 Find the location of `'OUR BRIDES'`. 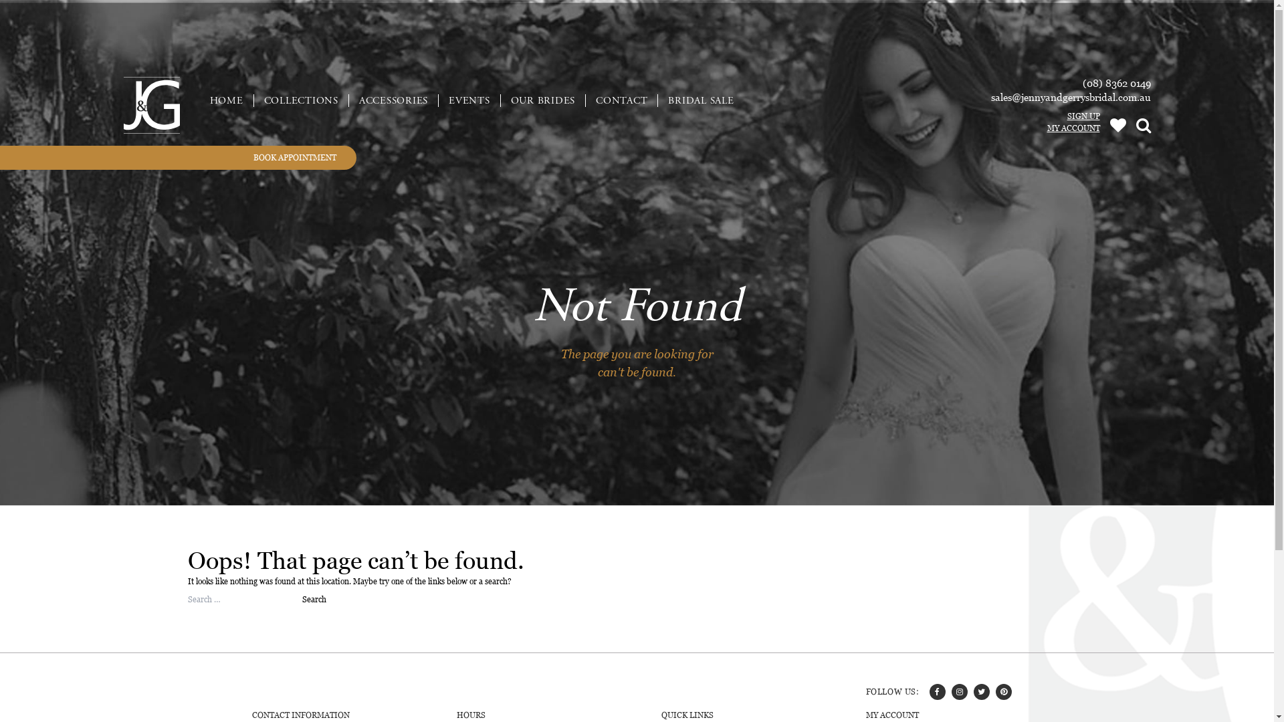

'OUR BRIDES' is located at coordinates (542, 99).